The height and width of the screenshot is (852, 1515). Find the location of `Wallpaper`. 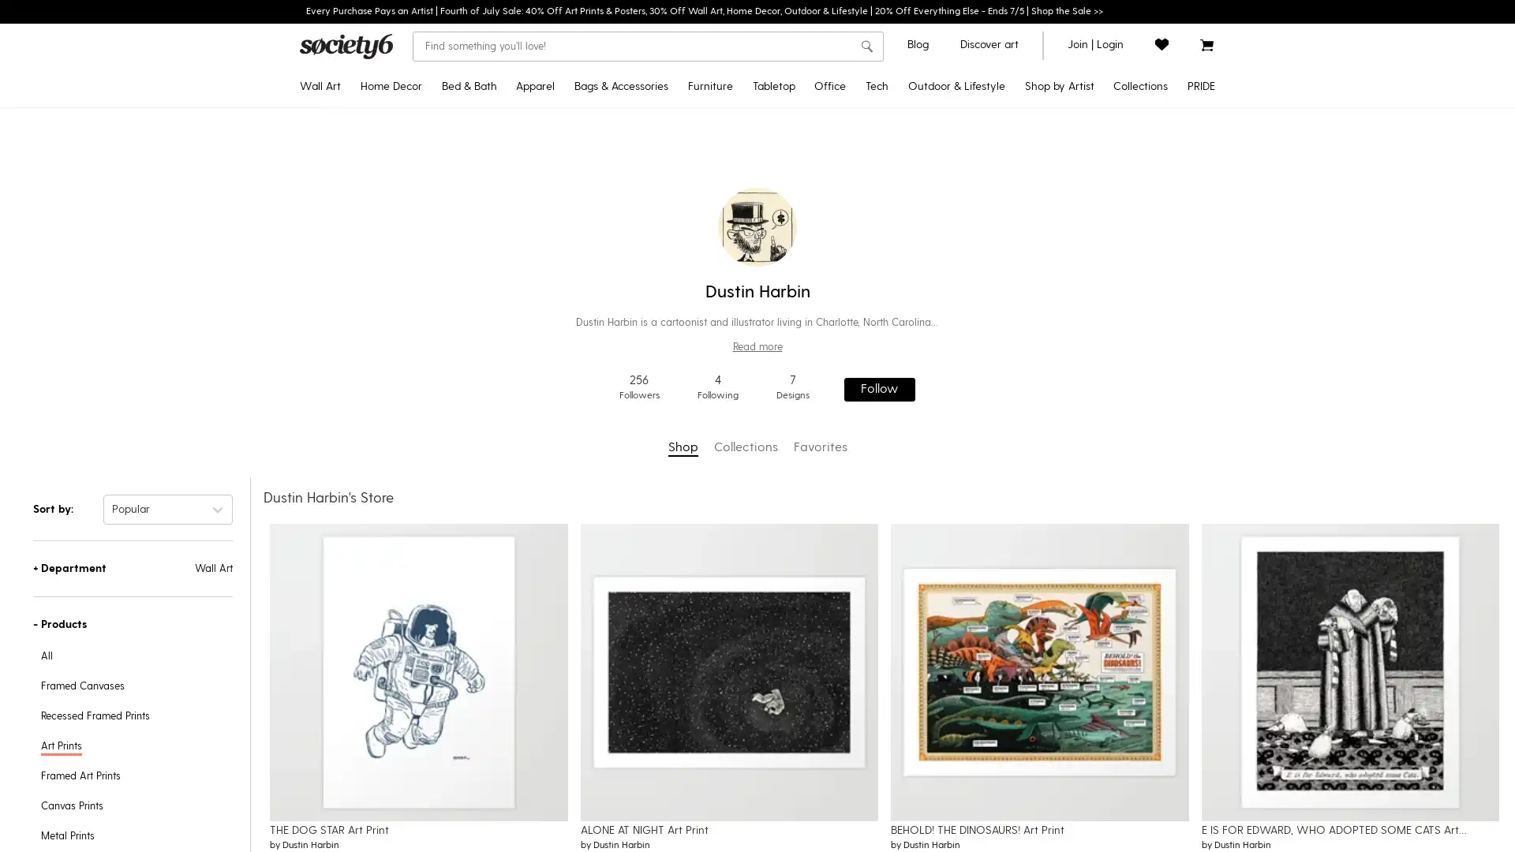

Wallpaper is located at coordinates (421, 380).